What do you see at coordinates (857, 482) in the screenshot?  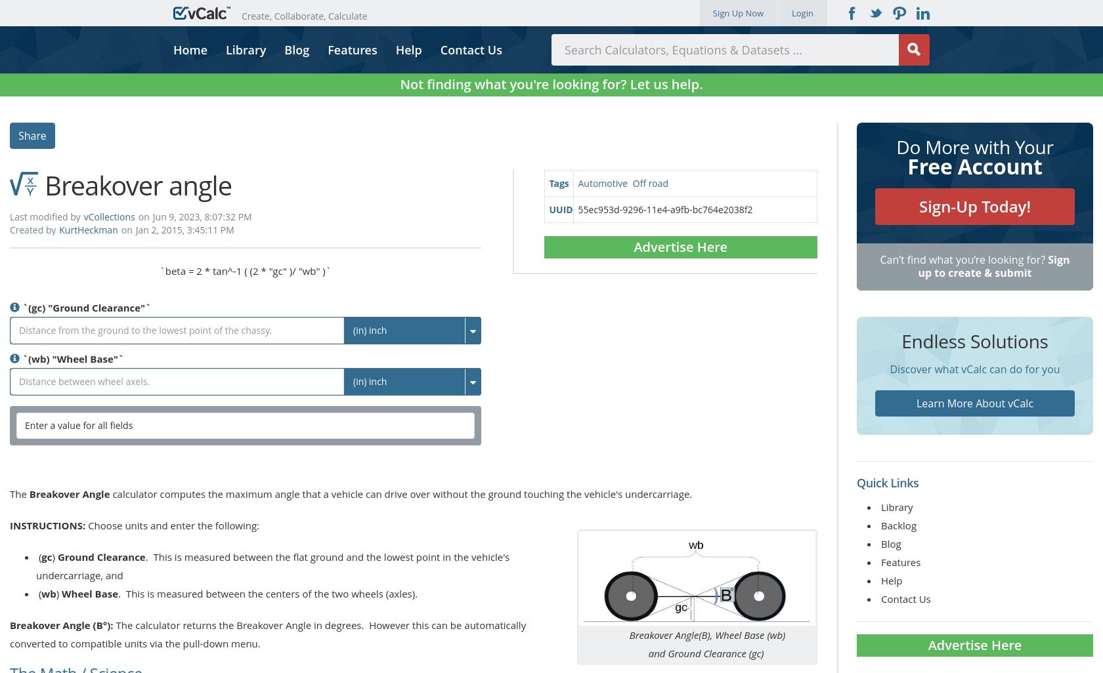 I see `'Quick Links'` at bounding box center [857, 482].